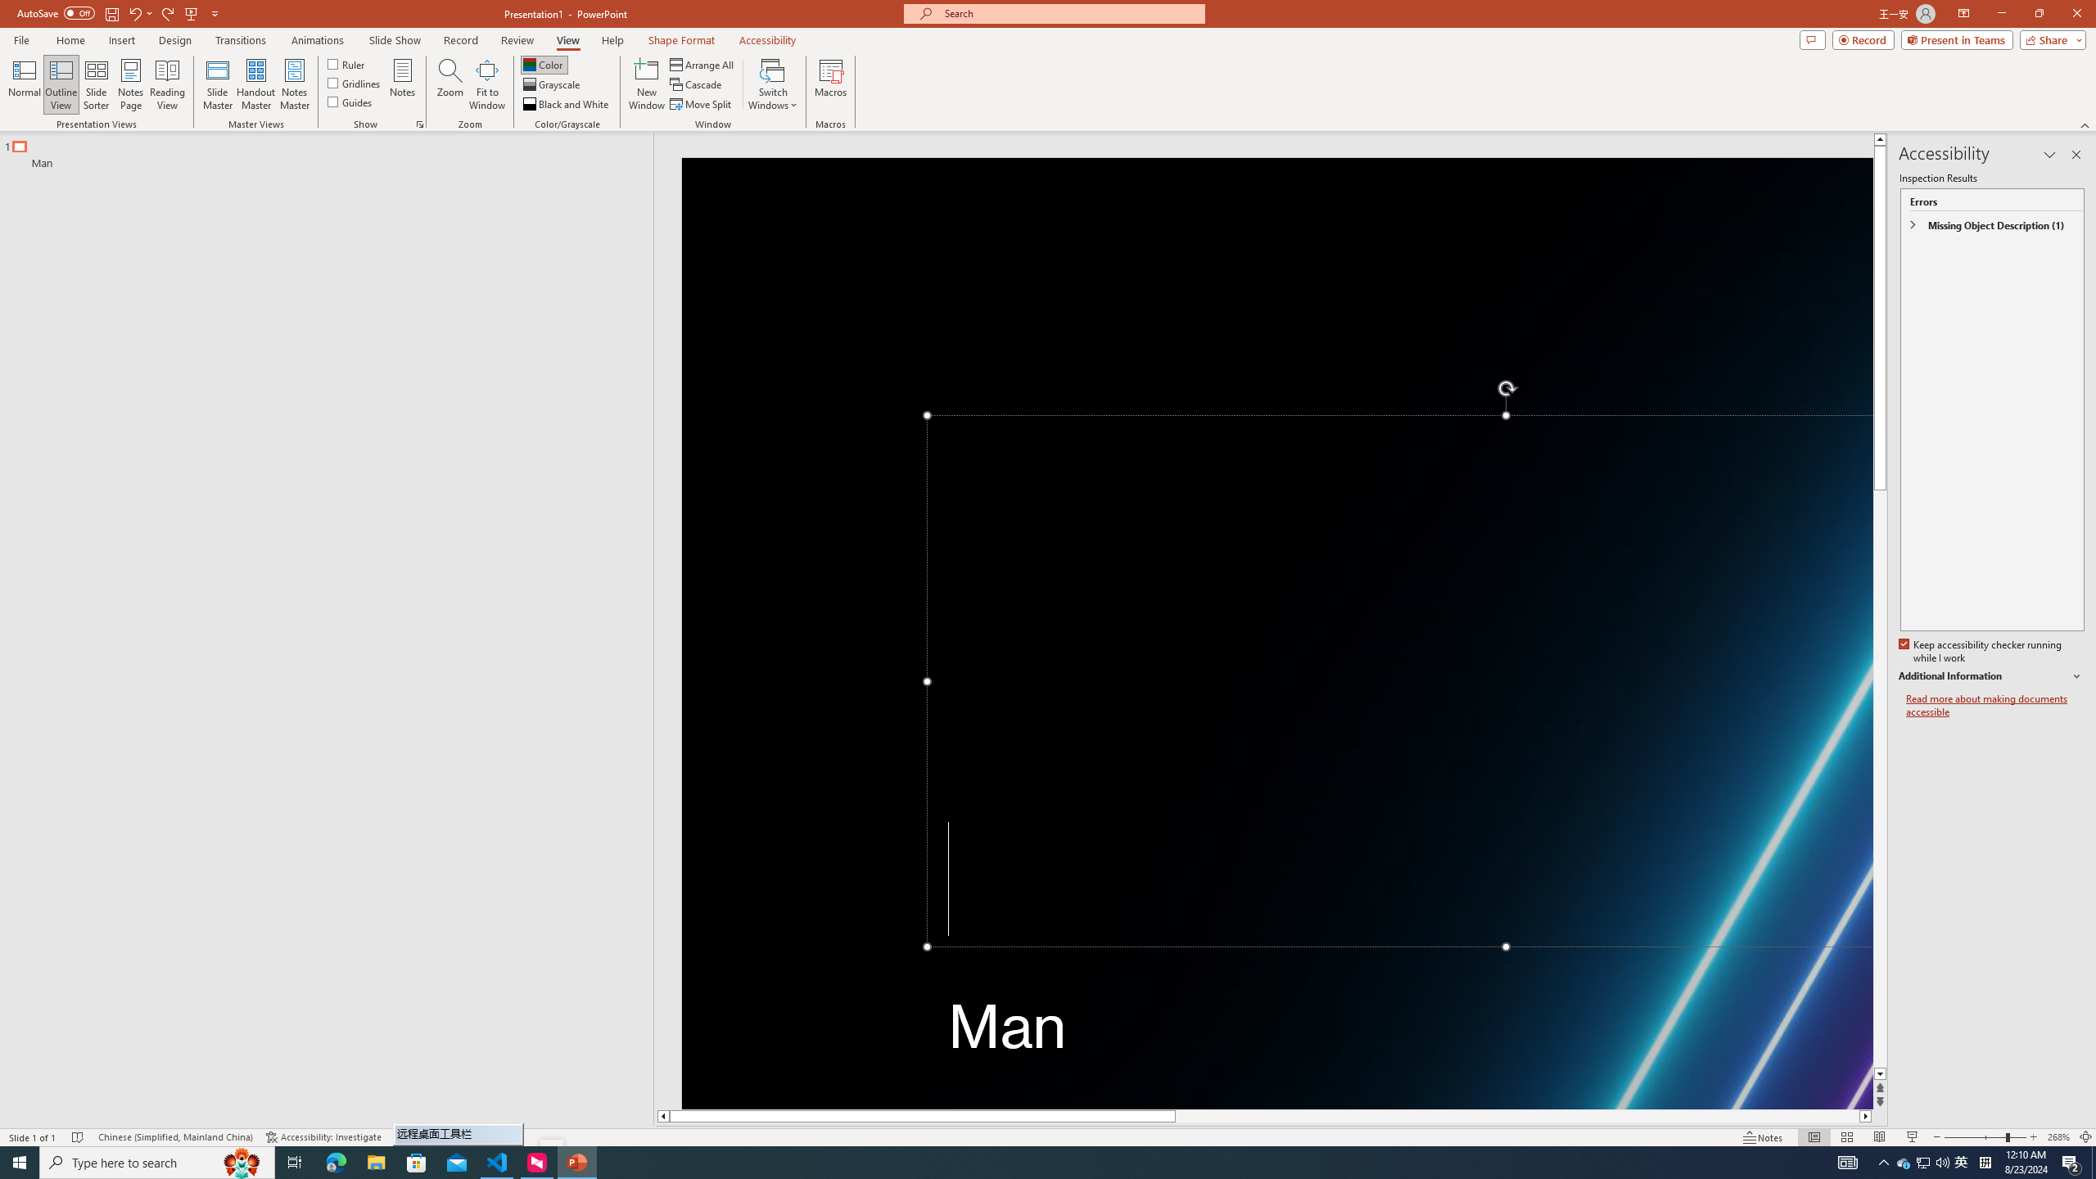  What do you see at coordinates (544, 64) in the screenshot?
I see `'Color'` at bounding box center [544, 64].